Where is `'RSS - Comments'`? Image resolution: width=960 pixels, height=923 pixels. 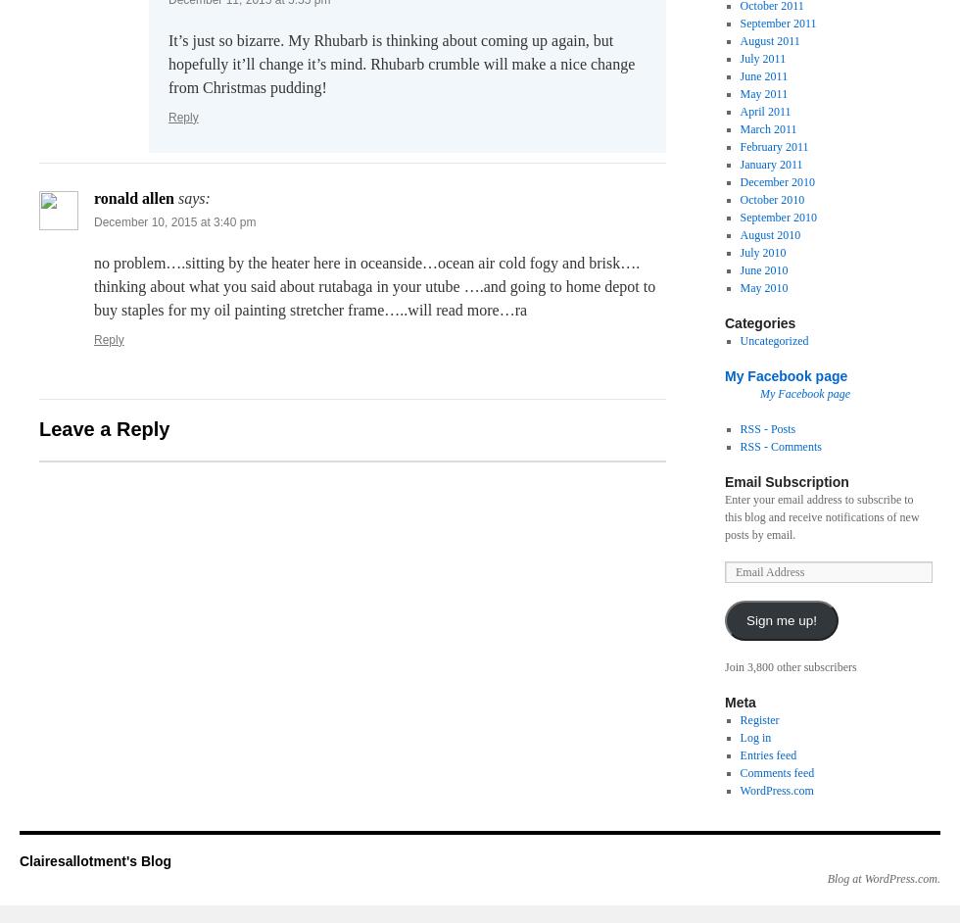
'RSS - Comments' is located at coordinates (739, 446).